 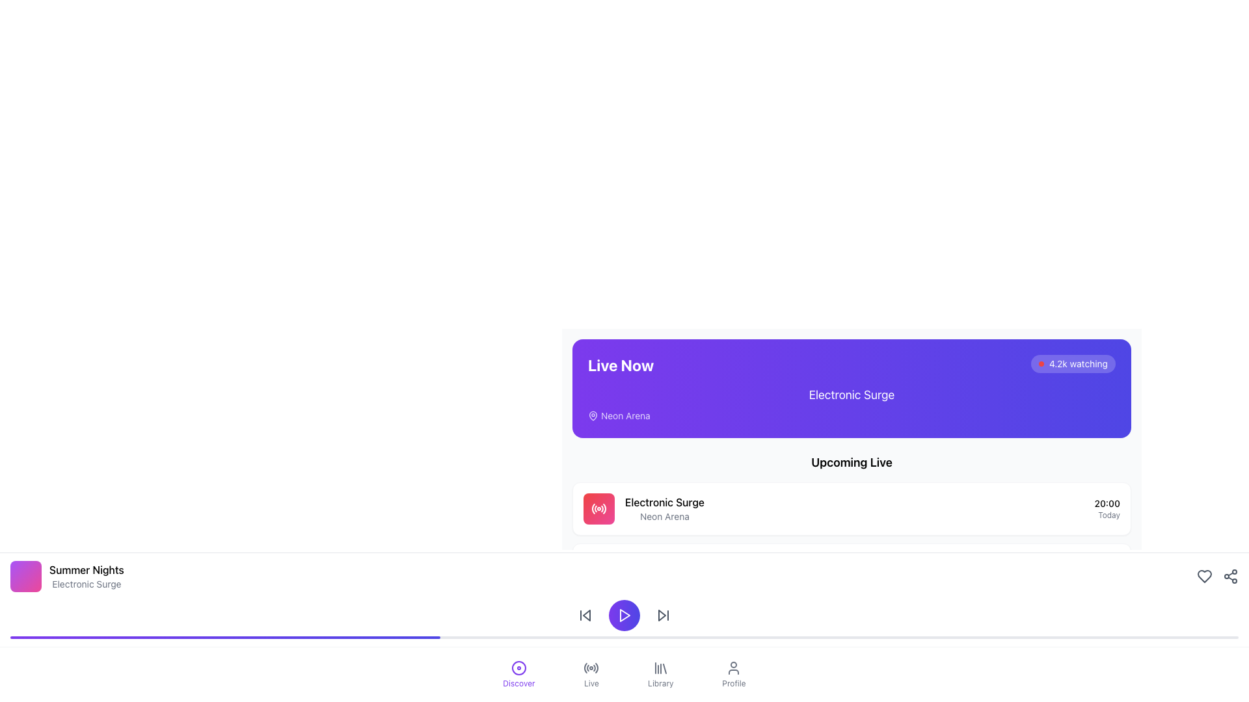 I want to click on the sharing button located in the bottom-right corner of the interface, to the right of the heart icon, so click(x=1229, y=576).